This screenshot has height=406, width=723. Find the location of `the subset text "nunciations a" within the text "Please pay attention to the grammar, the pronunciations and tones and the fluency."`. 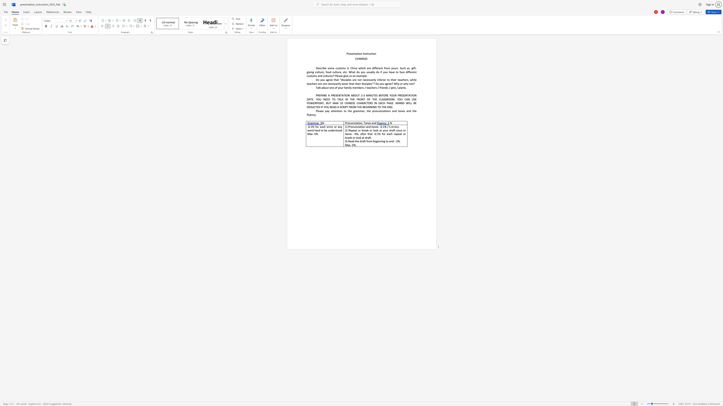

the subset text "nunciations a" within the text "Please pay attention to the grammar, the pronunciations and tones and the fluency." is located at coordinates (376, 111).